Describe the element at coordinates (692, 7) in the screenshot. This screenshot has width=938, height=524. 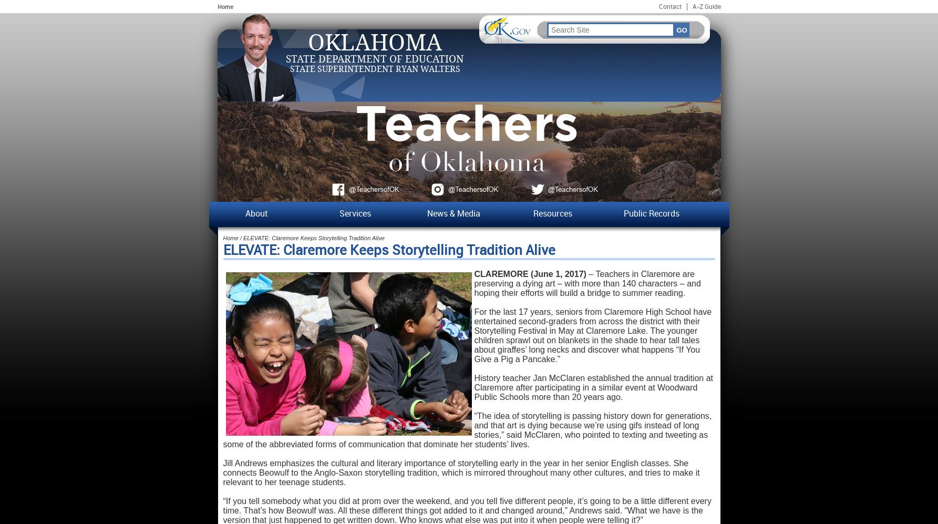
I see `'A-Z Guide'` at that location.